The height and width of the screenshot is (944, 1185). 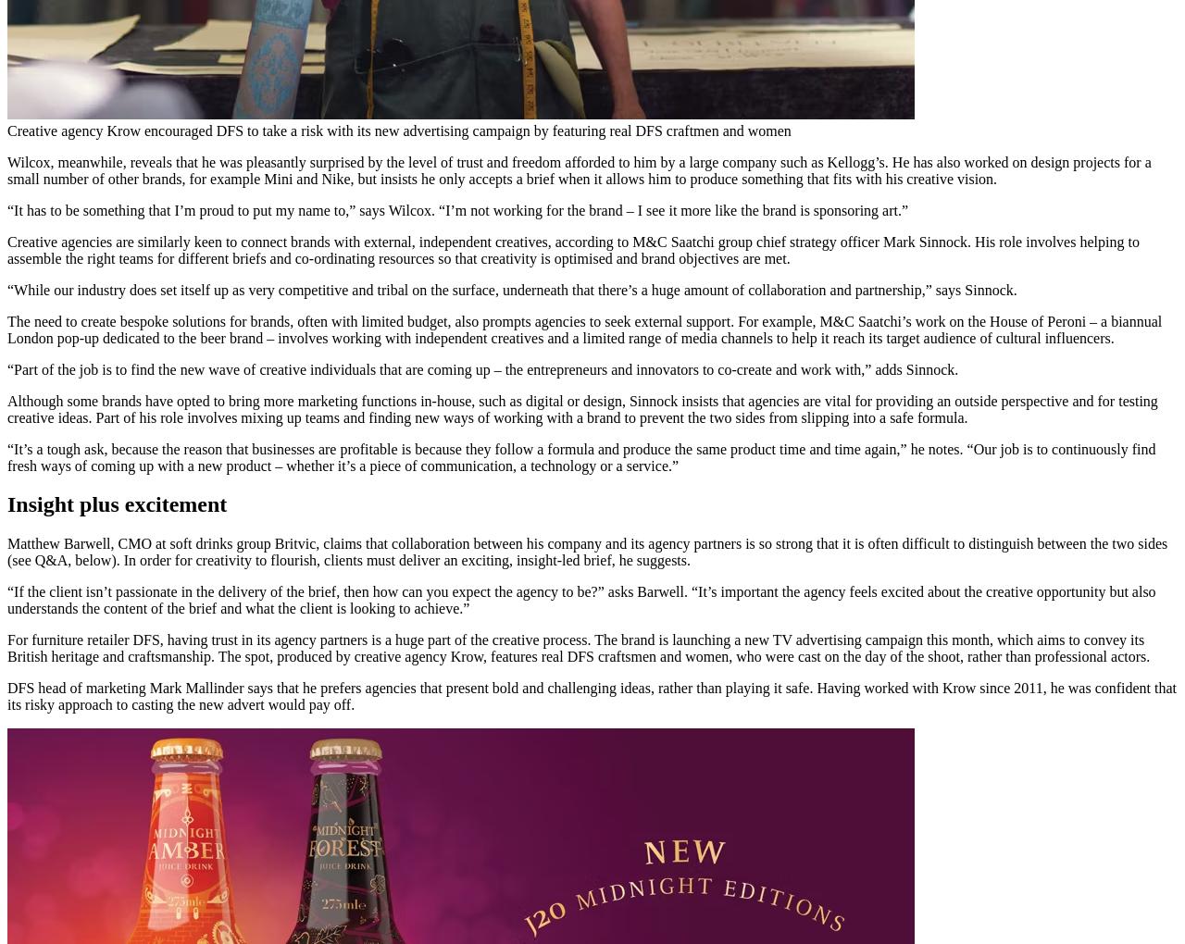 What do you see at coordinates (586, 551) in the screenshot?
I see `'Matthew Barwell, CMO at soft drinks group Britvic, claims that collaboration between his company and its agency partners is so strong that it is often difficult to distinguish between the two sides (see Q&A, below). In order for creativity to flourish, clients must deliver an exciting, insight-led brief, he suggests.'` at bounding box center [586, 551].